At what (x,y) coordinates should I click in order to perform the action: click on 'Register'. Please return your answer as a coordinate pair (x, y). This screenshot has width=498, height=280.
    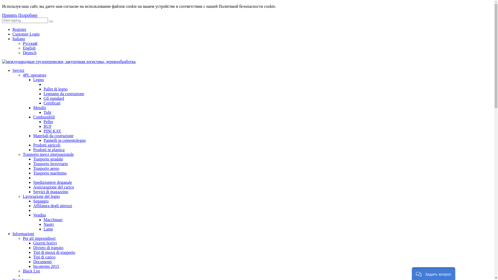
    Looking at the image, I should click on (19, 29).